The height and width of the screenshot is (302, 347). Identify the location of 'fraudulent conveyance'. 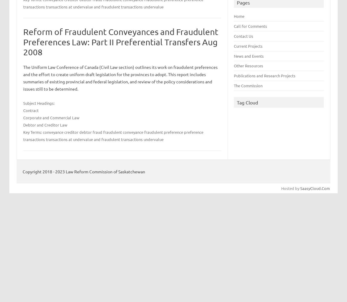
(123, 132).